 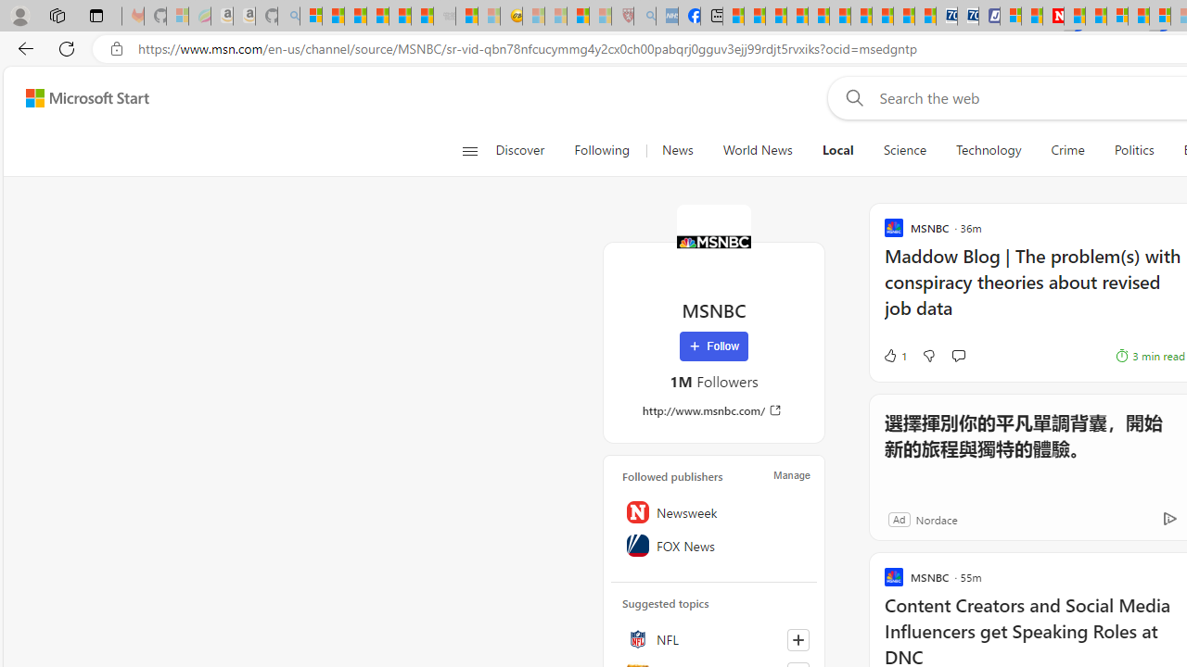 I want to click on 'Combat Siege - Sleeping', so click(x=445, y=16).